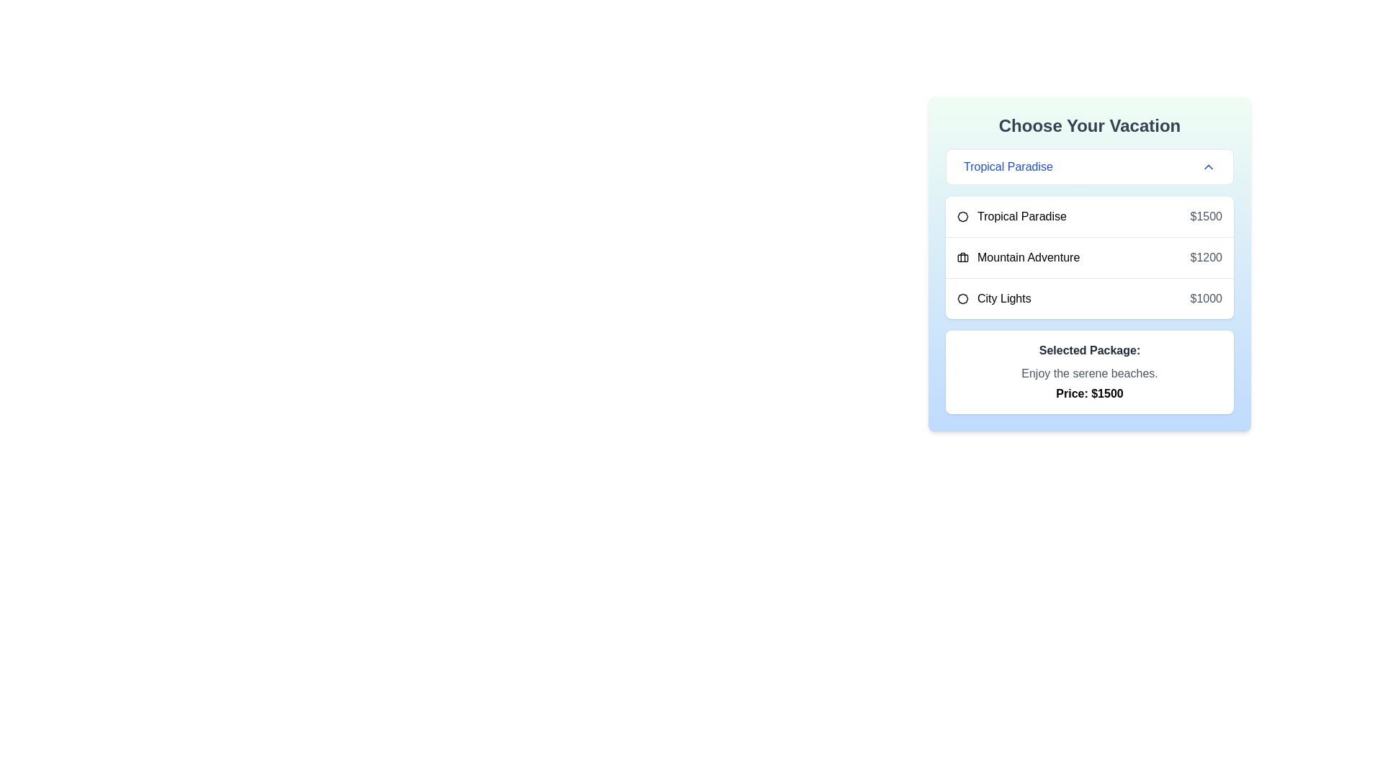 The width and height of the screenshot is (1383, 778). I want to click on the third selectable vacation package option labeled under 'Choose Your Vacation', which is positioned between 'Mountain Adventure' and the price '$1000', so click(993, 298).